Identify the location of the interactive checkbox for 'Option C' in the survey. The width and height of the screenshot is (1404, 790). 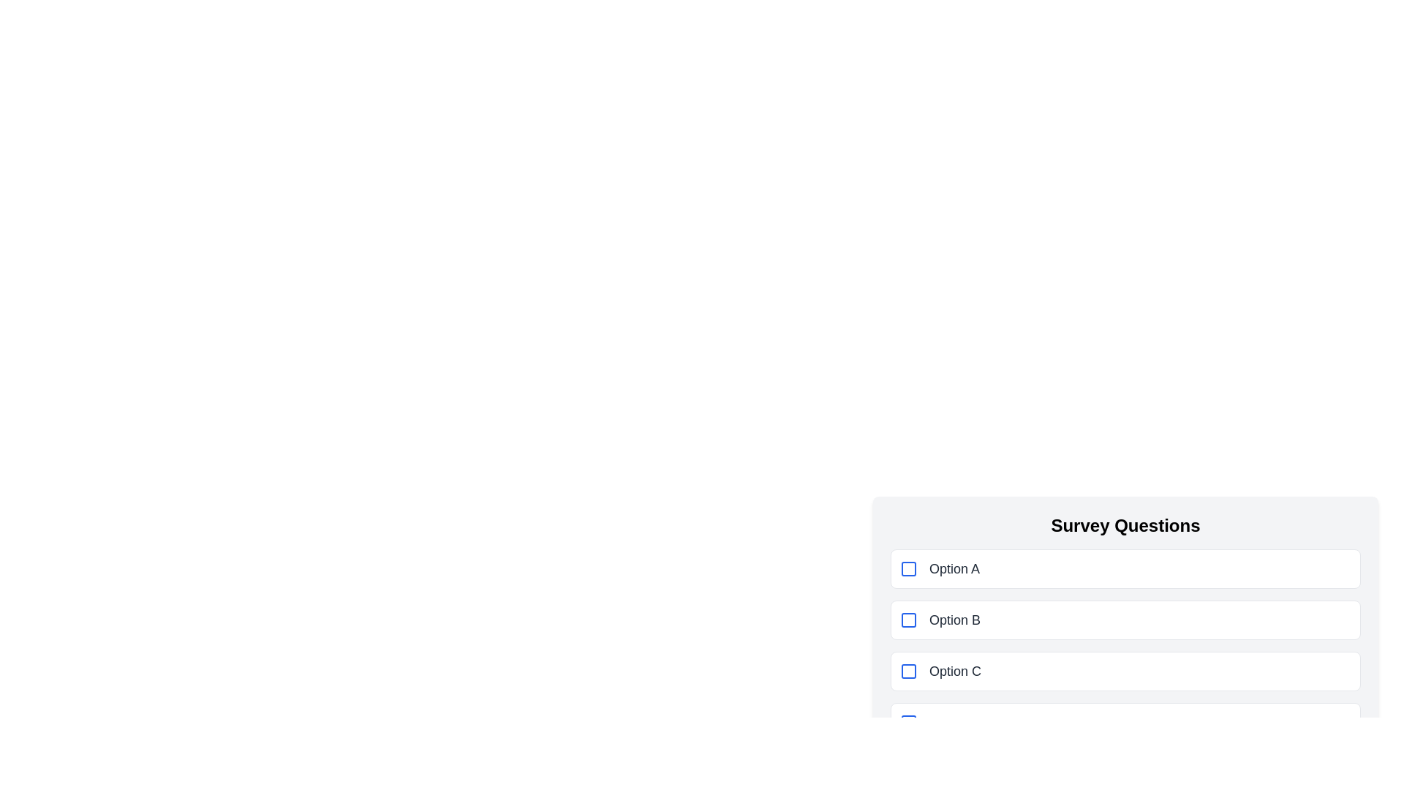
(908, 671).